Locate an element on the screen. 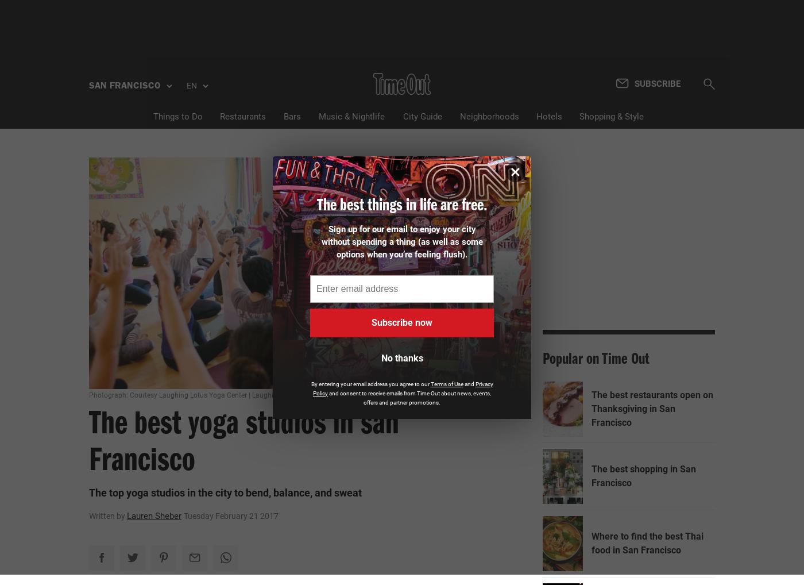  'The best shopping in San Francisco' is located at coordinates (643, 475).